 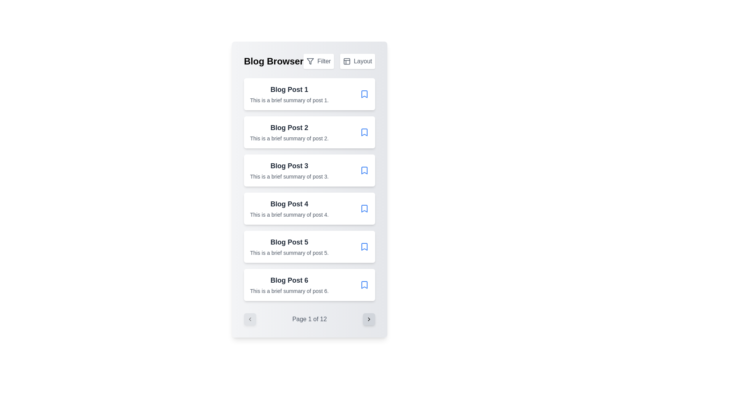 What do you see at coordinates (289, 166) in the screenshot?
I see `the title of the third blog post in the Blog Browser section, located directly below the second blog post card` at bounding box center [289, 166].